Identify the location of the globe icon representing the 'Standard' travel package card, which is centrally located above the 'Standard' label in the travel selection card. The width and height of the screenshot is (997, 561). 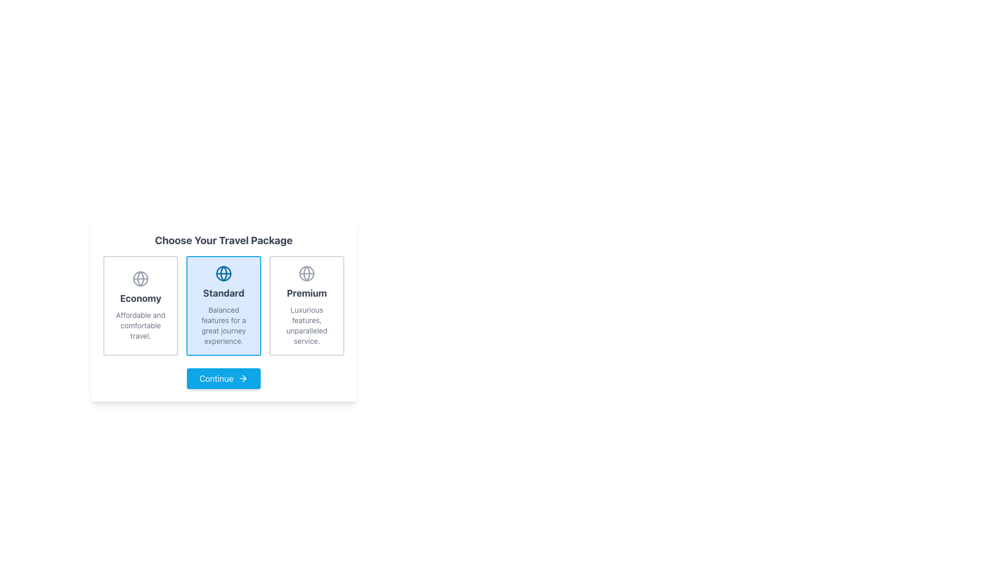
(223, 273).